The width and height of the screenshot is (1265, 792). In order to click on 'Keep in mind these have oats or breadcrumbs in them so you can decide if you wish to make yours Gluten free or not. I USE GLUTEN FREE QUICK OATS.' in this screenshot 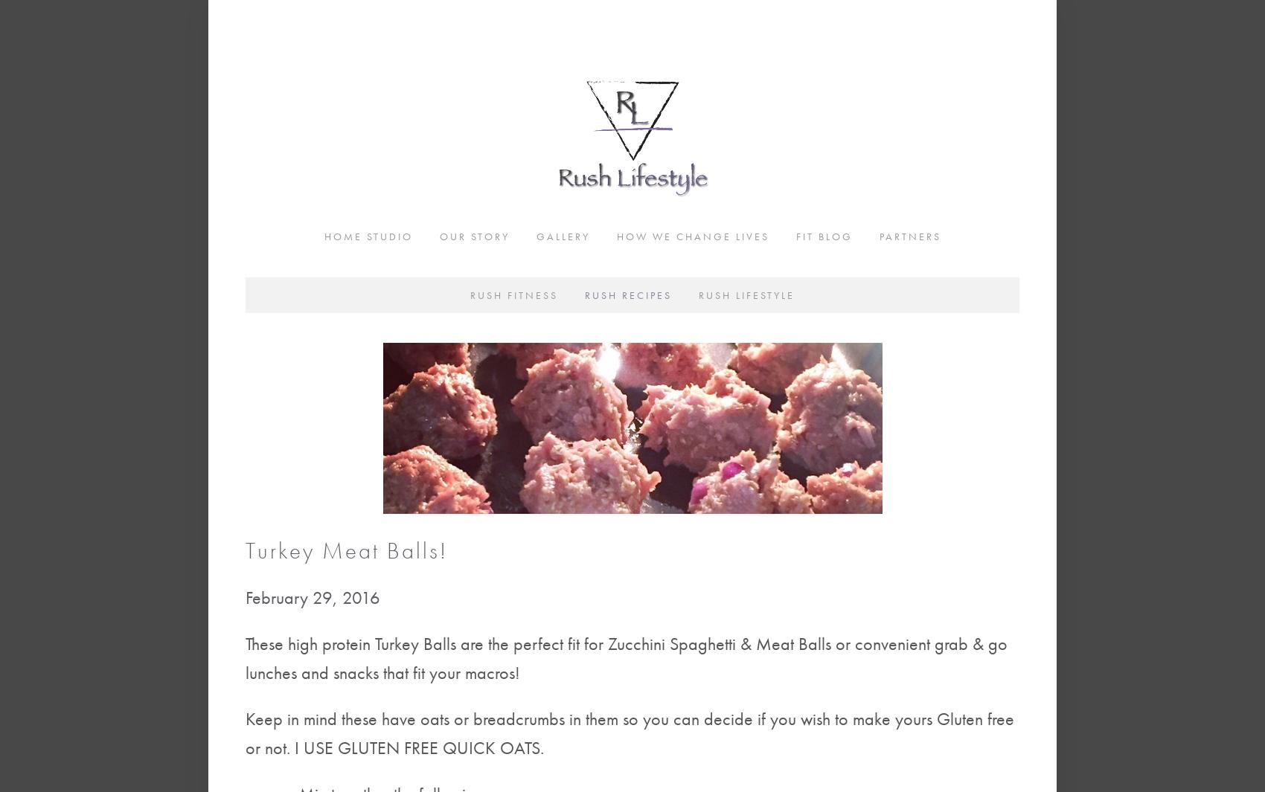, I will do `click(629, 733)`.